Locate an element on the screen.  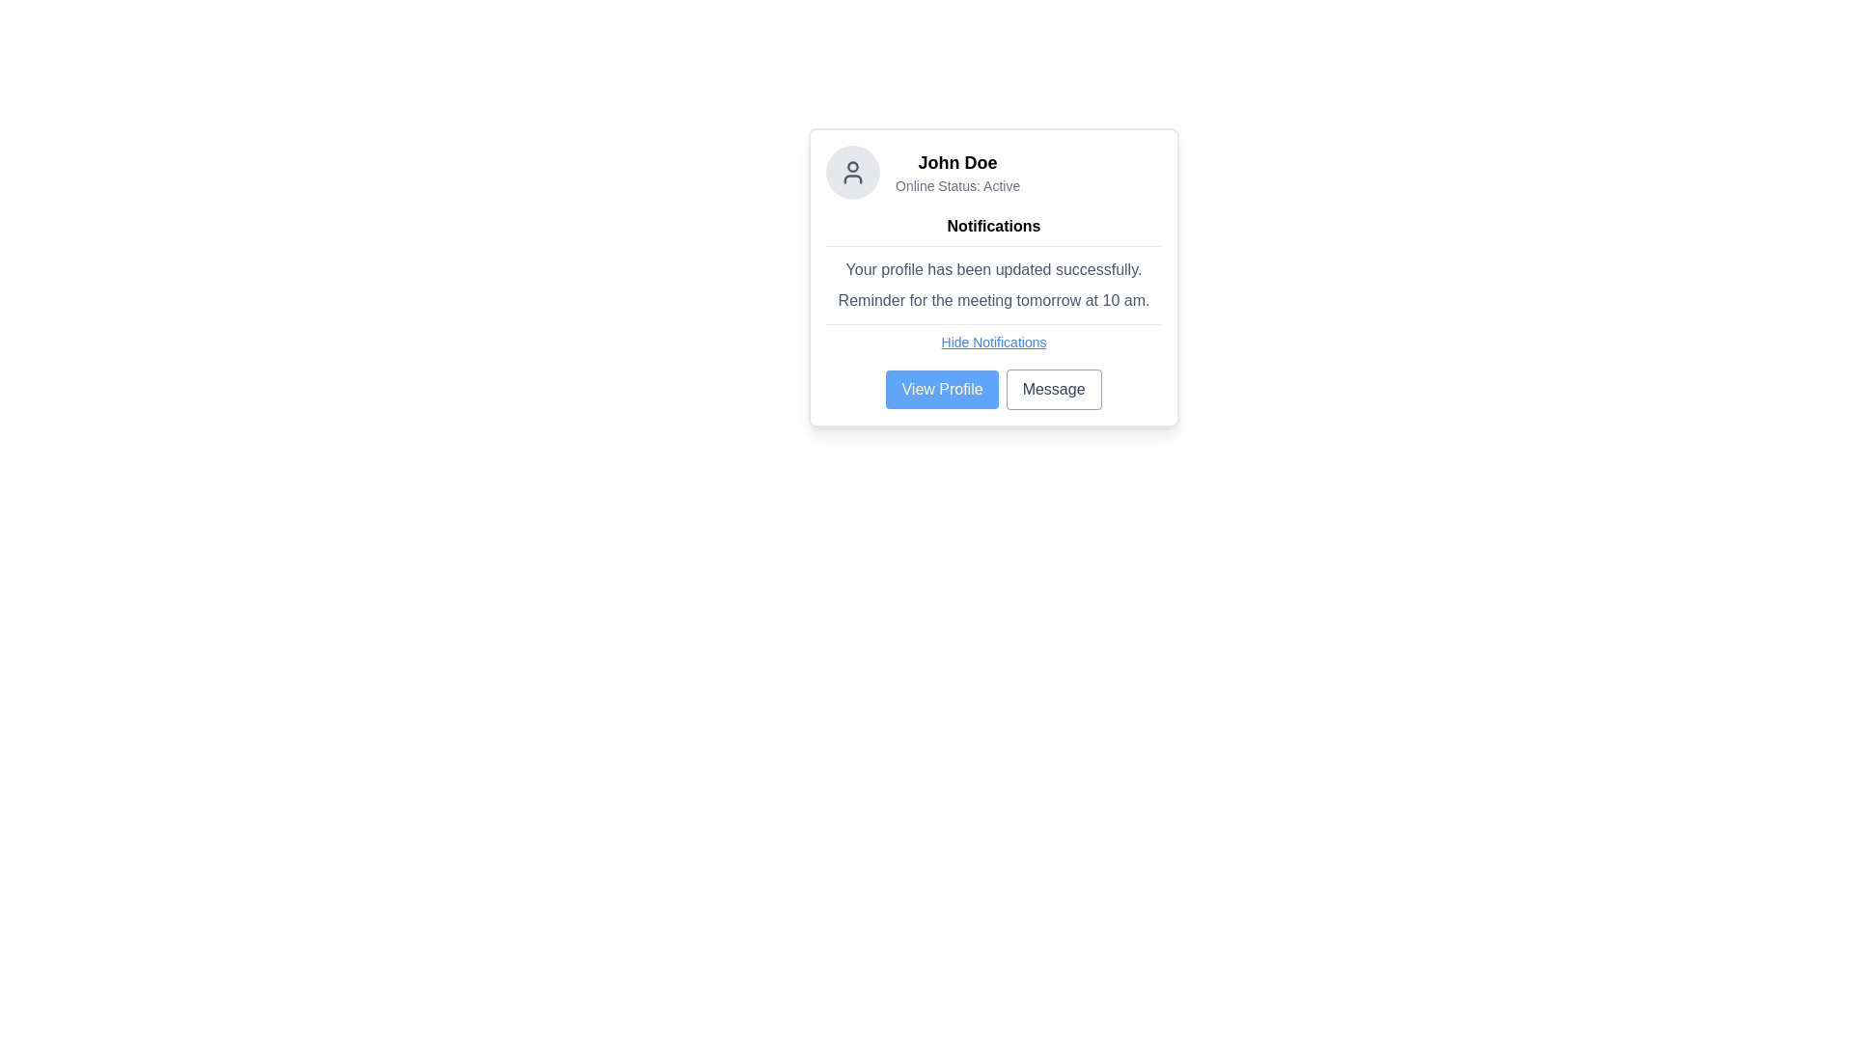
the text block that displays messages about profile updates and meeting reminders, located below the 'Notifications' heading in the user profile card is located at coordinates (994, 286).